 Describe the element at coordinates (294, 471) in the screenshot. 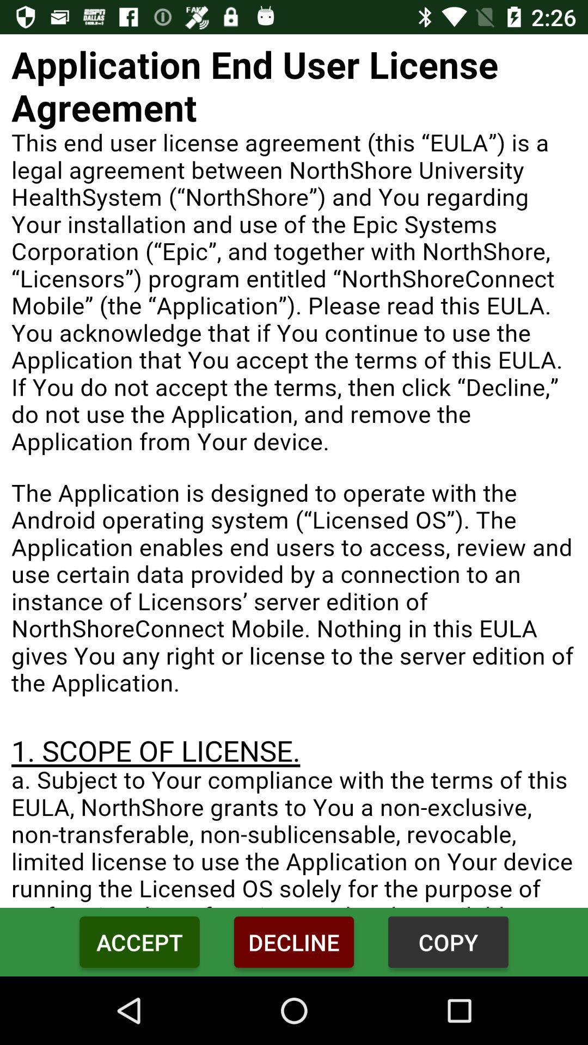

I see `license agreement` at that location.